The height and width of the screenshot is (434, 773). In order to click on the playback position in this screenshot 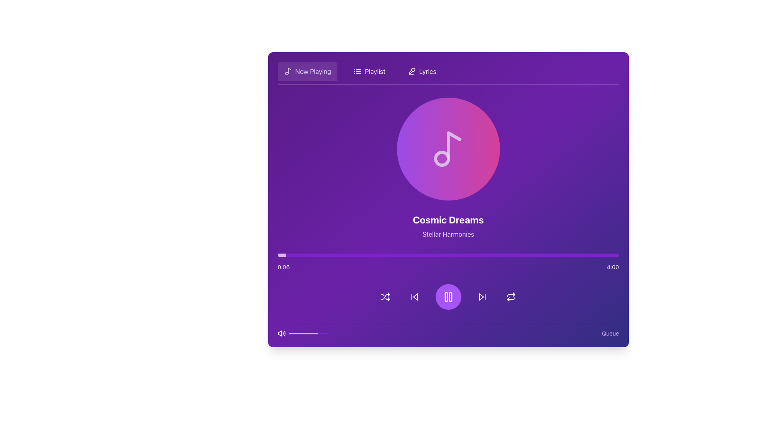, I will do `click(432, 255)`.